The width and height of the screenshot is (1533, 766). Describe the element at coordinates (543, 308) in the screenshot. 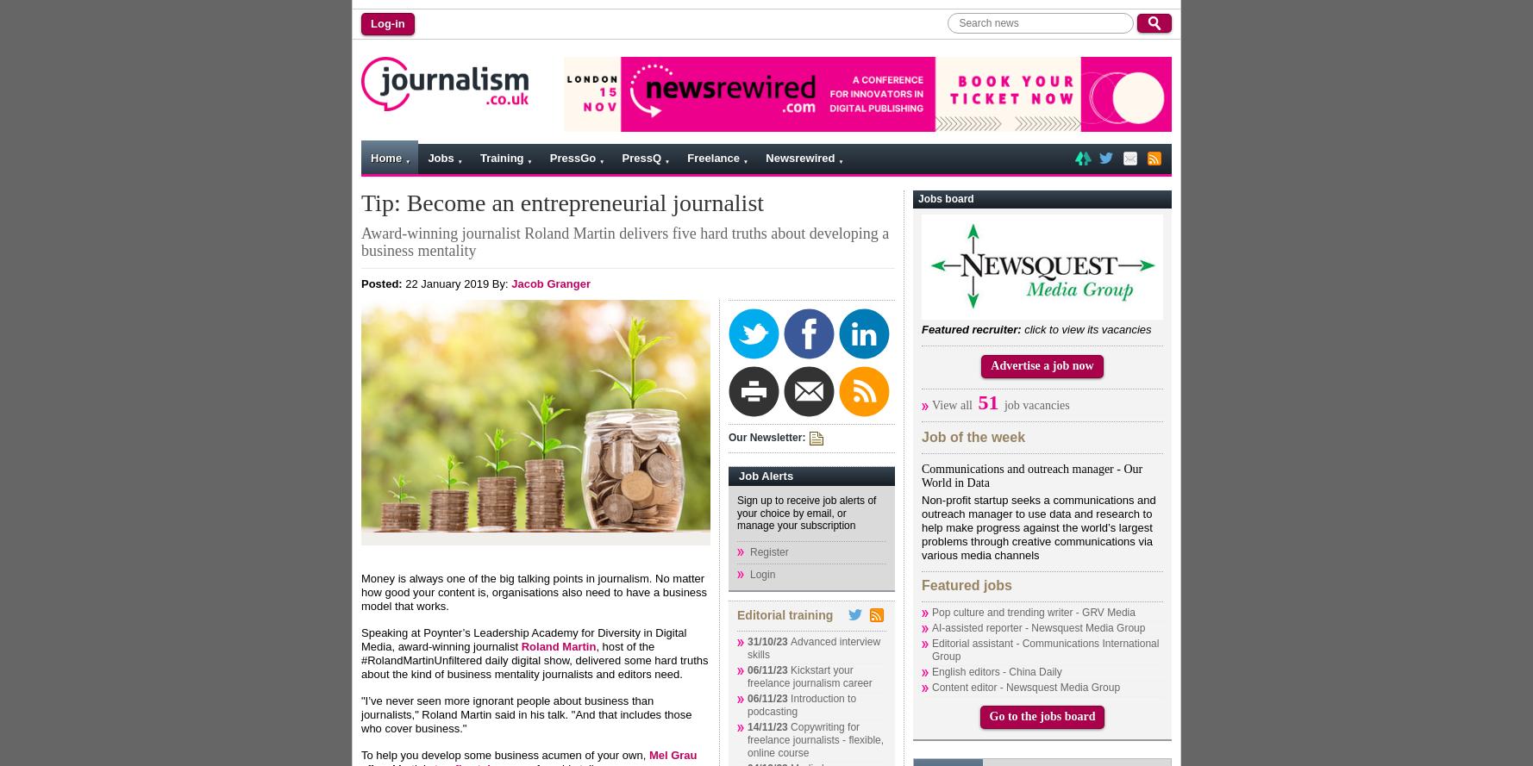

I see `'Contact us'` at that location.